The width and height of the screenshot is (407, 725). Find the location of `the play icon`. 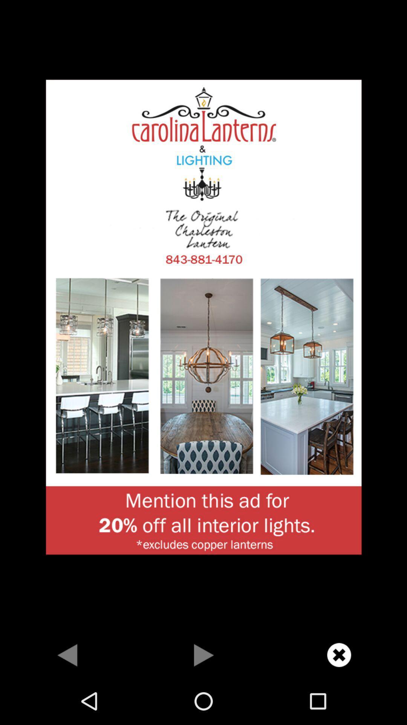

the play icon is located at coordinates (203, 700).